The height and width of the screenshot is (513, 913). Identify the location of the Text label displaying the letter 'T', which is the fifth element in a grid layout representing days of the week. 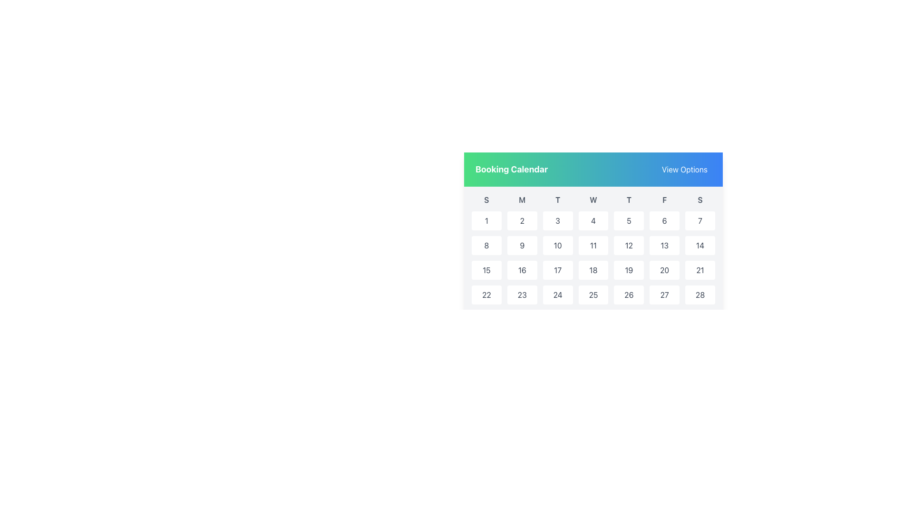
(629, 199).